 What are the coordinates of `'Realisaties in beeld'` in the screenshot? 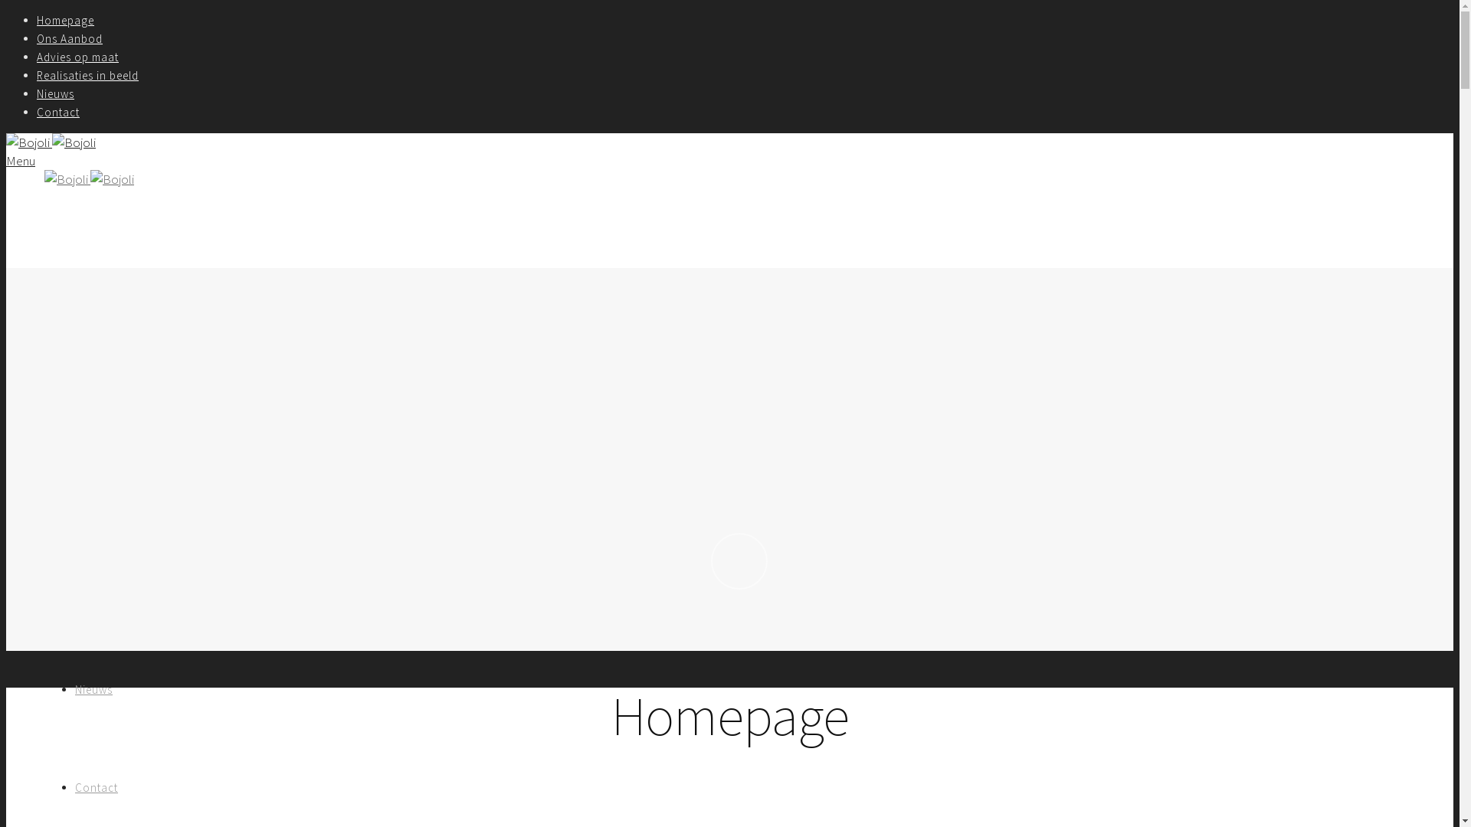 It's located at (74, 590).